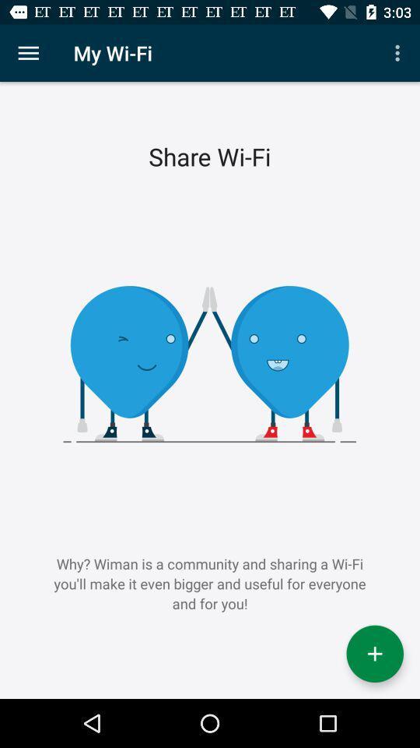 The image size is (420, 748). What do you see at coordinates (374, 654) in the screenshot?
I see `network` at bounding box center [374, 654].